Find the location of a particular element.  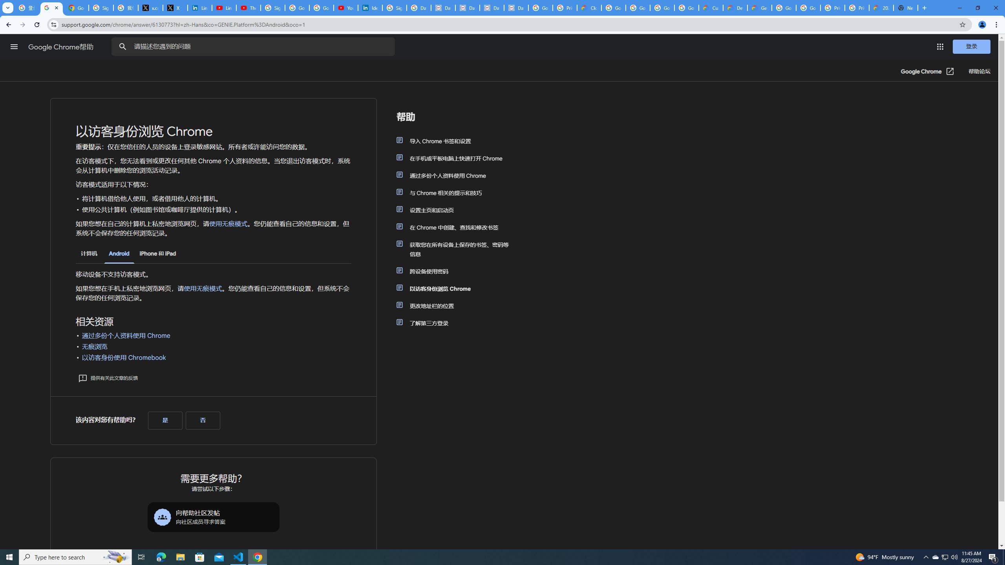

'Data Privacy Framework' is located at coordinates (492, 7).